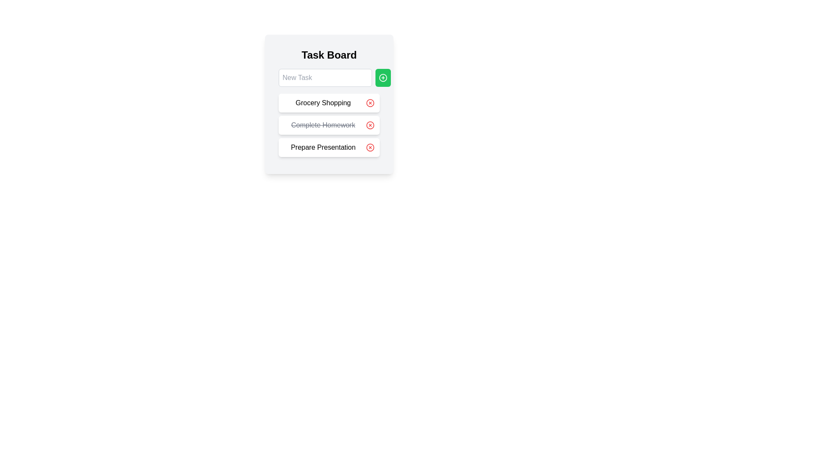 The image size is (822, 462). What do you see at coordinates (382, 77) in the screenshot?
I see `the circular button with a plus sign icon, located to the immediate right of the 'New Task' input field on the task board interface` at bounding box center [382, 77].